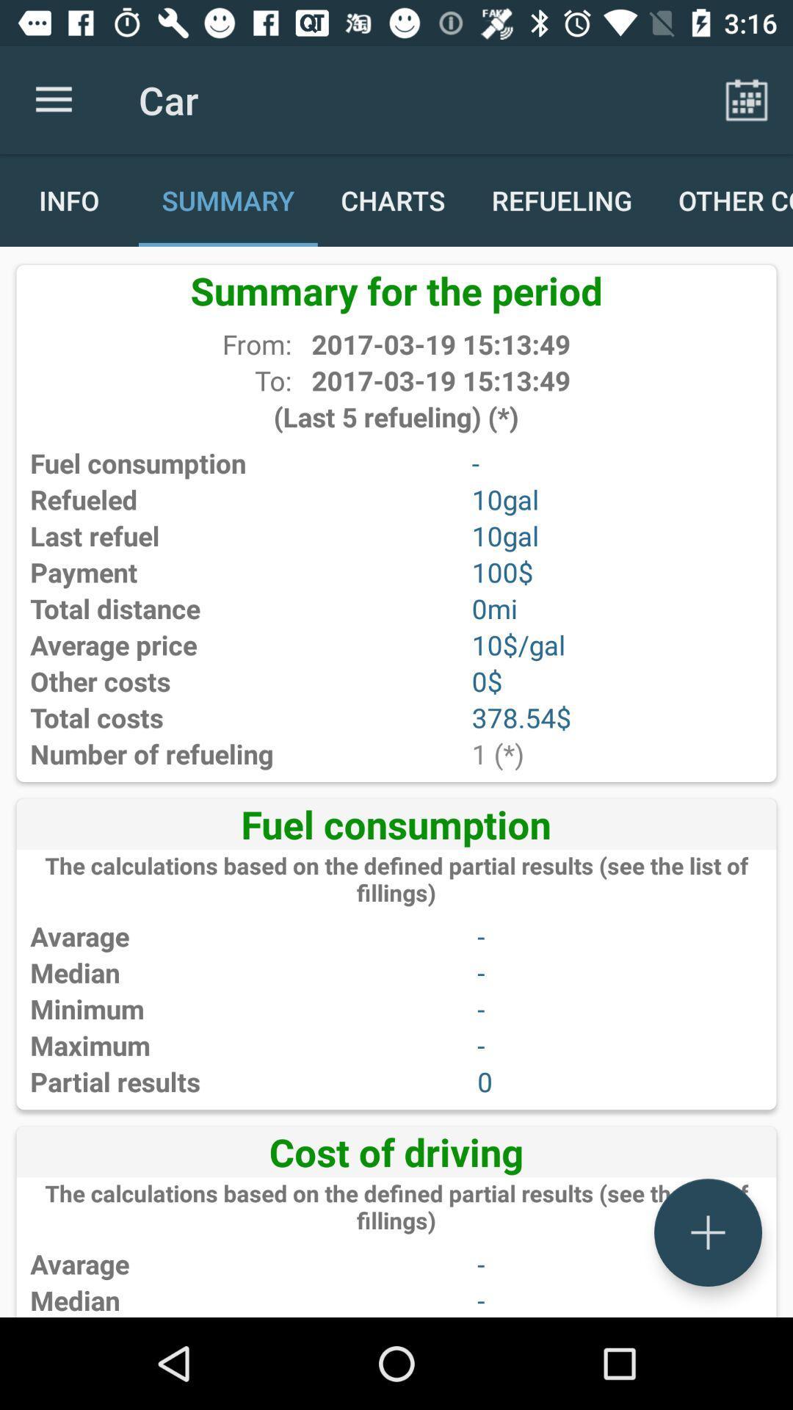  What do you see at coordinates (747, 99) in the screenshot?
I see `item to the right of the car icon` at bounding box center [747, 99].